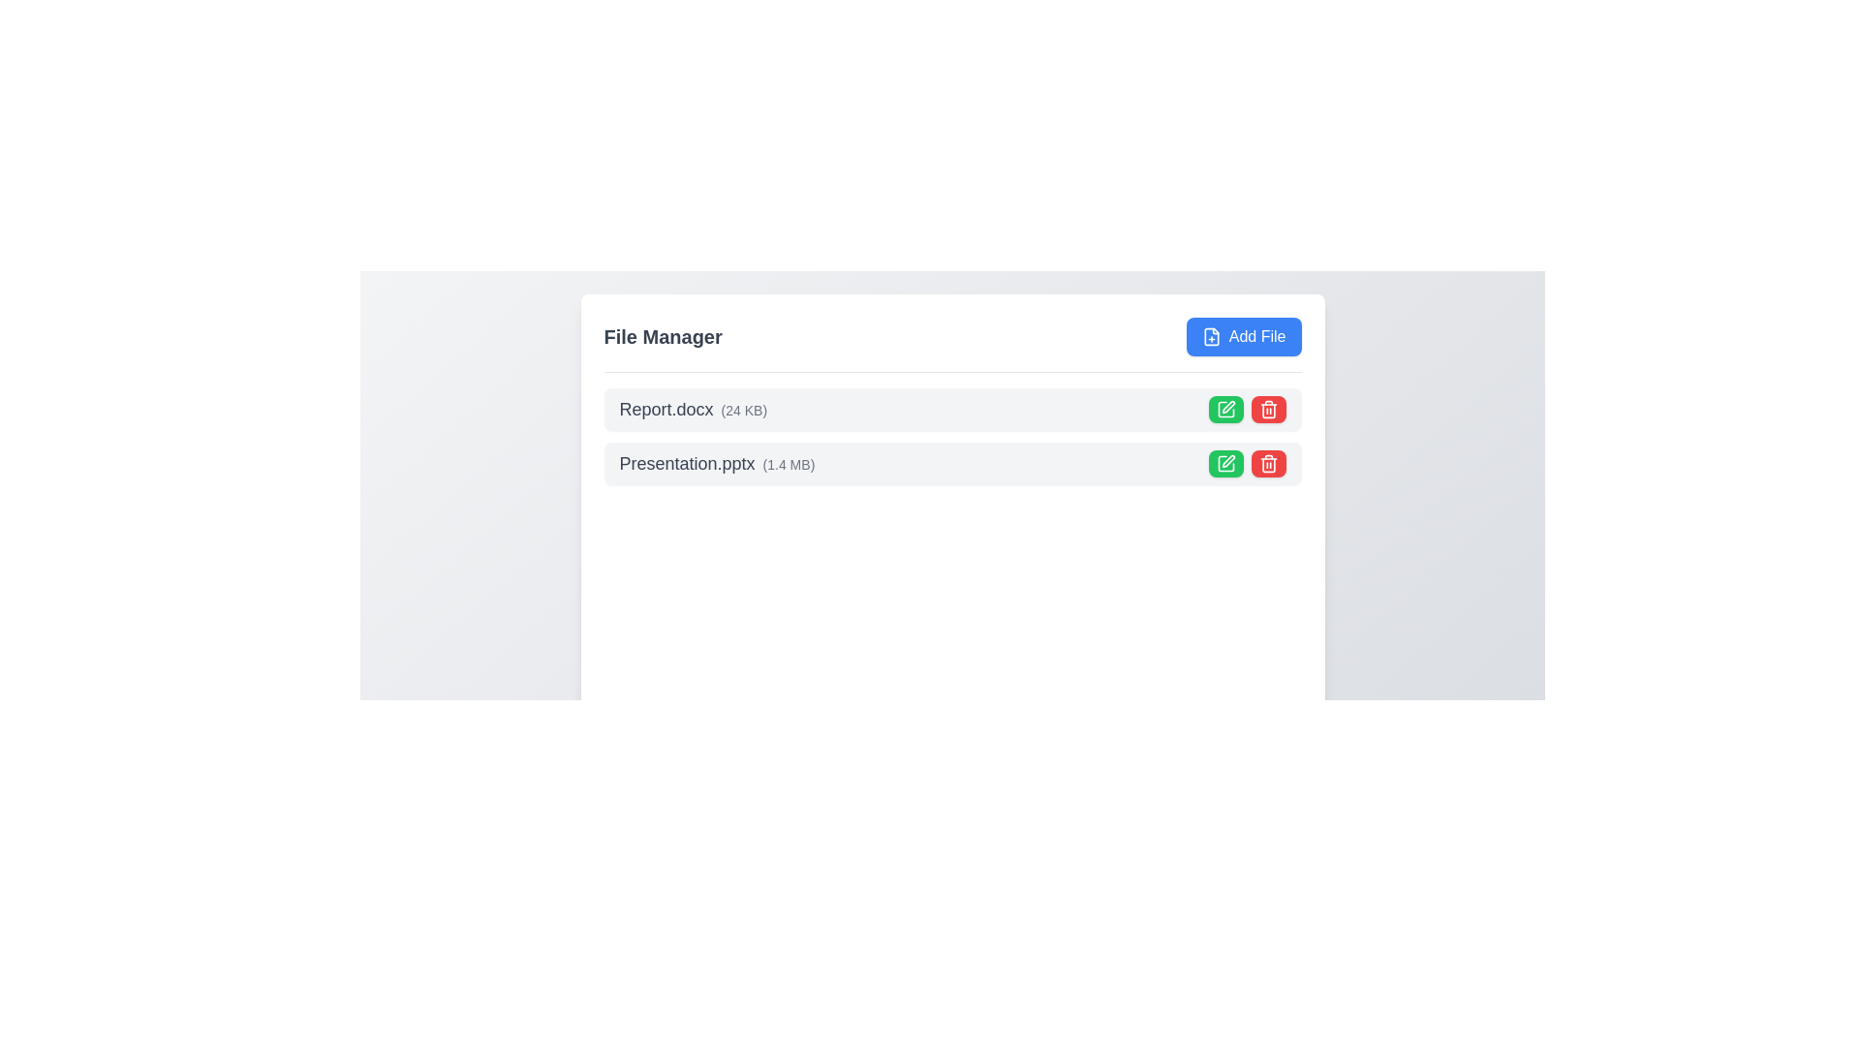 Image resolution: width=1860 pixels, height=1046 pixels. Describe the element at coordinates (1224, 409) in the screenshot. I see `the vibrant green action button with a pen icon located to the immediate right of the 'Report.docx' file label` at that location.